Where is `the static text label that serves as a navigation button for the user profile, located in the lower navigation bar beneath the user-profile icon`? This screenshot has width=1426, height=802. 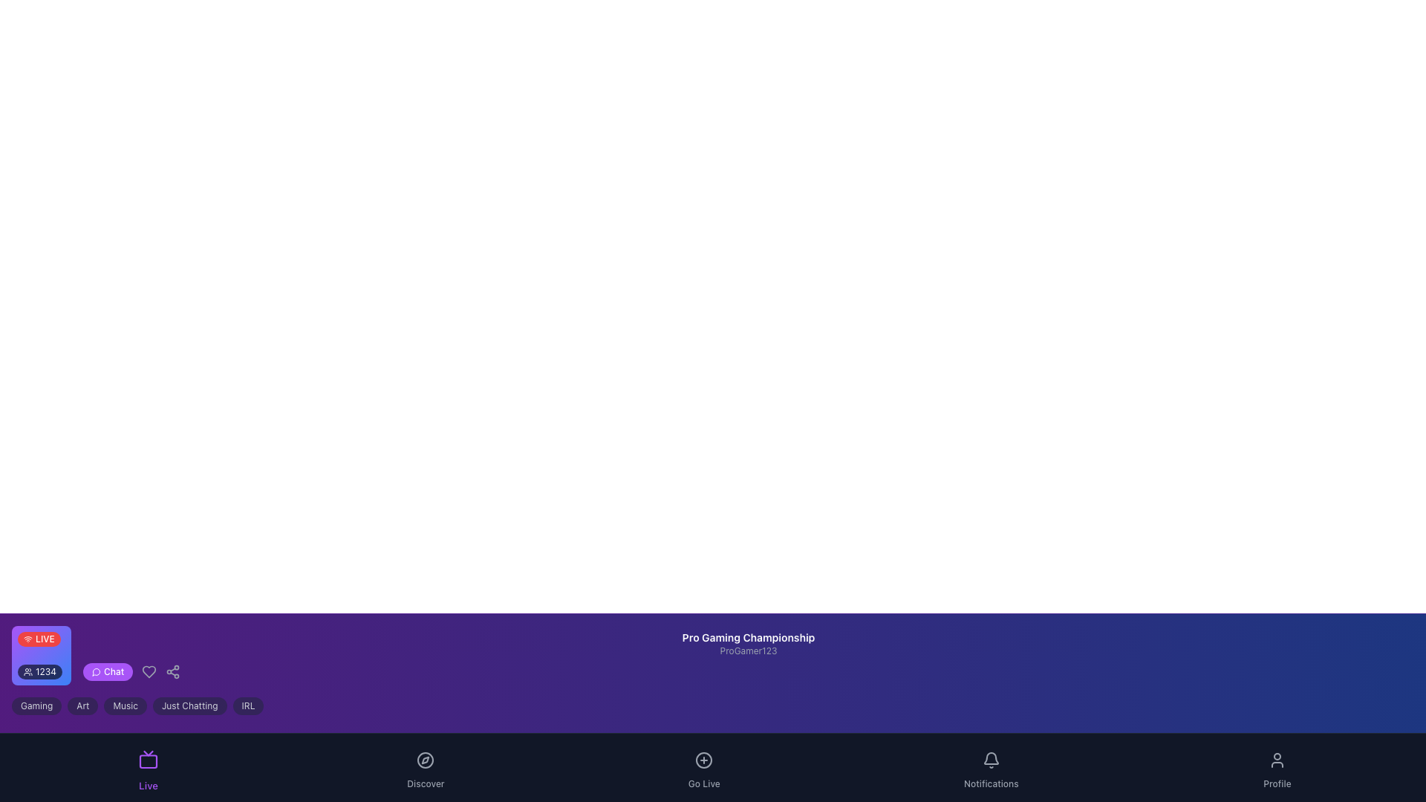
the static text label that serves as a navigation button for the user profile, located in the lower navigation bar beneath the user-profile icon is located at coordinates (1276, 783).